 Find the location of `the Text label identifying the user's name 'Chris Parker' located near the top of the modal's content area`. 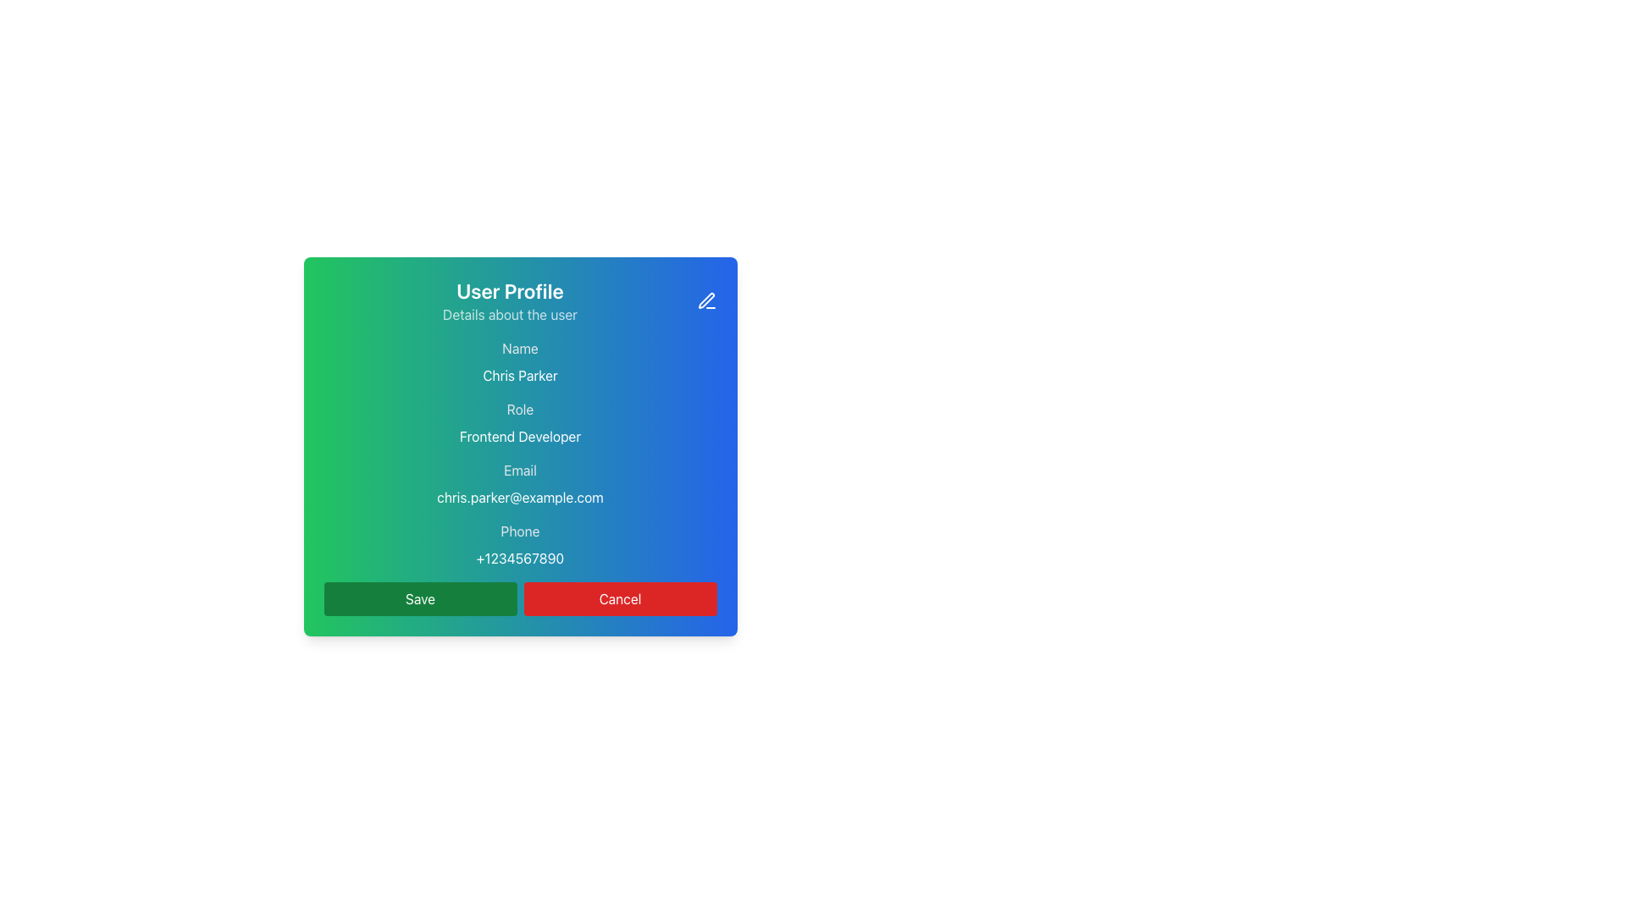

the Text label identifying the user's name 'Chris Parker' located near the top of the modal's content area is located at coordinates (519, 348).